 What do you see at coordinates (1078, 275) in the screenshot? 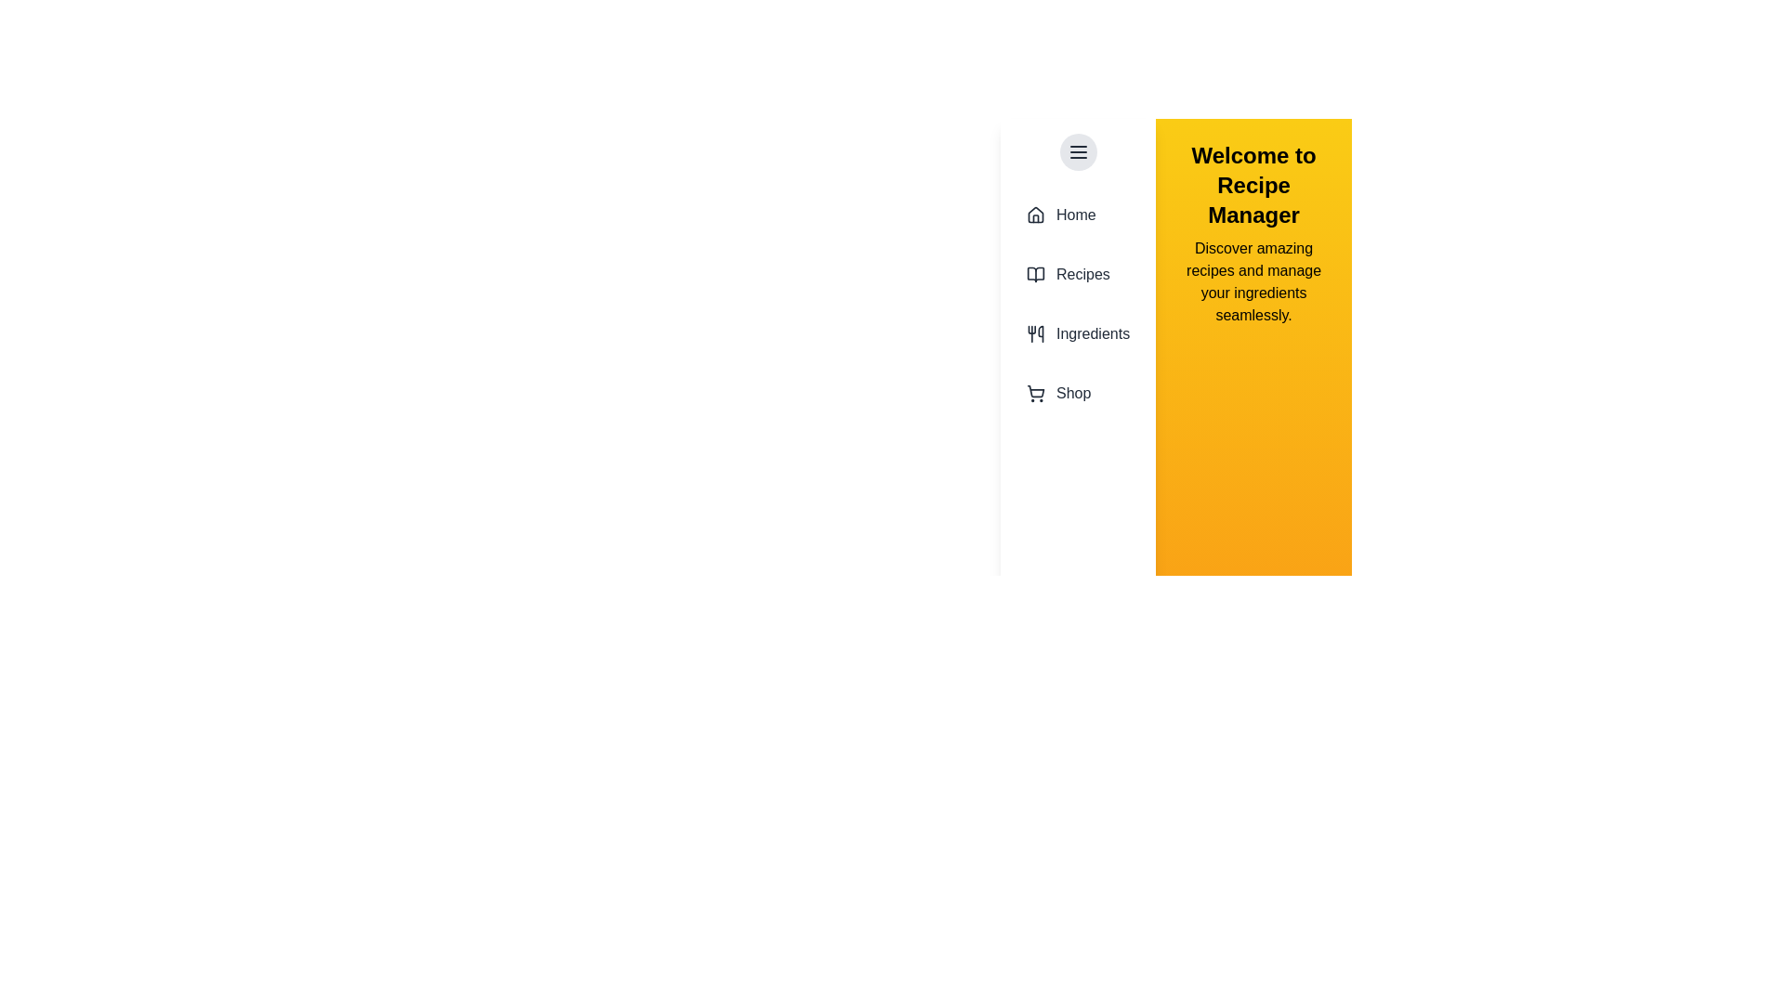
I see `the category item labeled Recipes in the drawer` at bounding box center [1078, 275].